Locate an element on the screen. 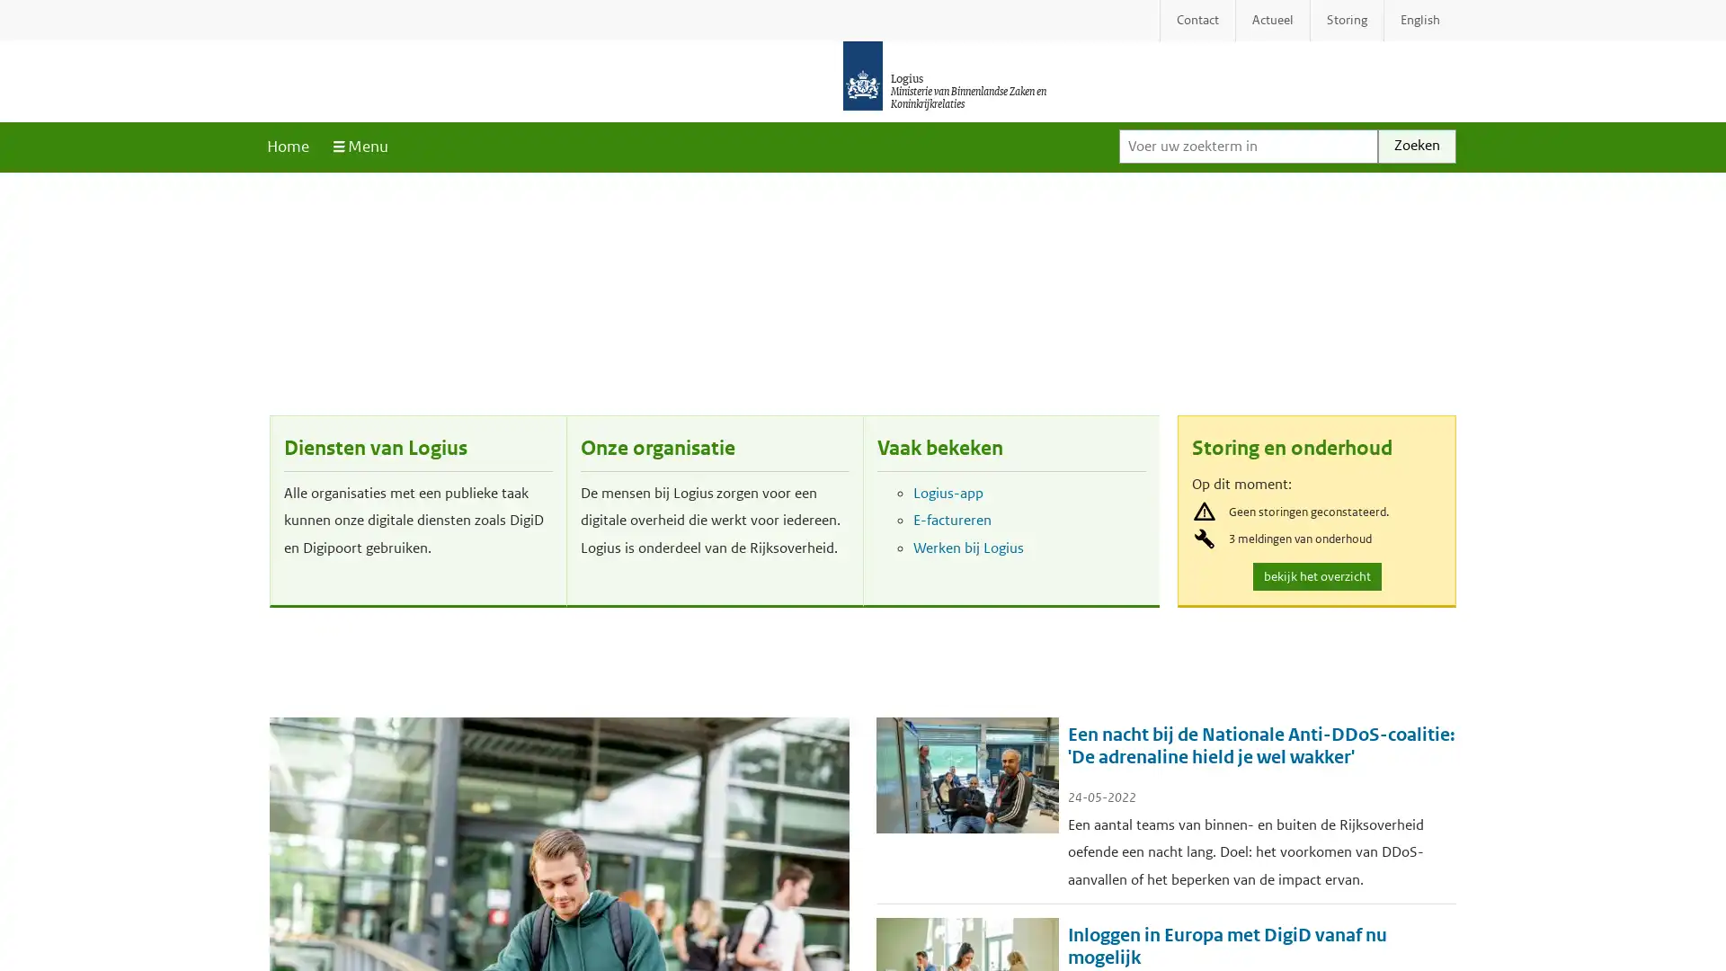 This screenshot has width=1726, height=971. Zoeken is located at coordinates (1416, 145).